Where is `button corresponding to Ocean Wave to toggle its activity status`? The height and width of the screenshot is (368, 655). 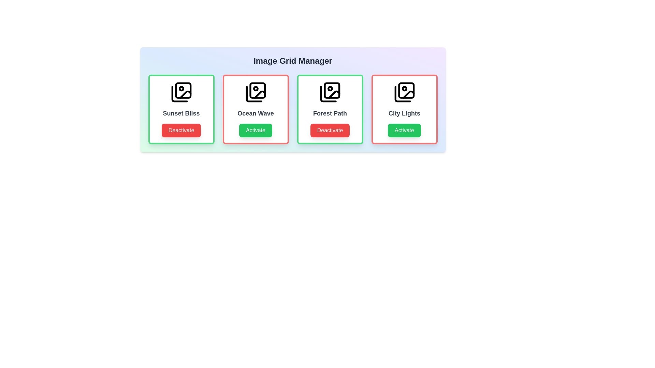
button corresponding to Ocean Wave to toggle its activity status is located at coordinates (255, 130).